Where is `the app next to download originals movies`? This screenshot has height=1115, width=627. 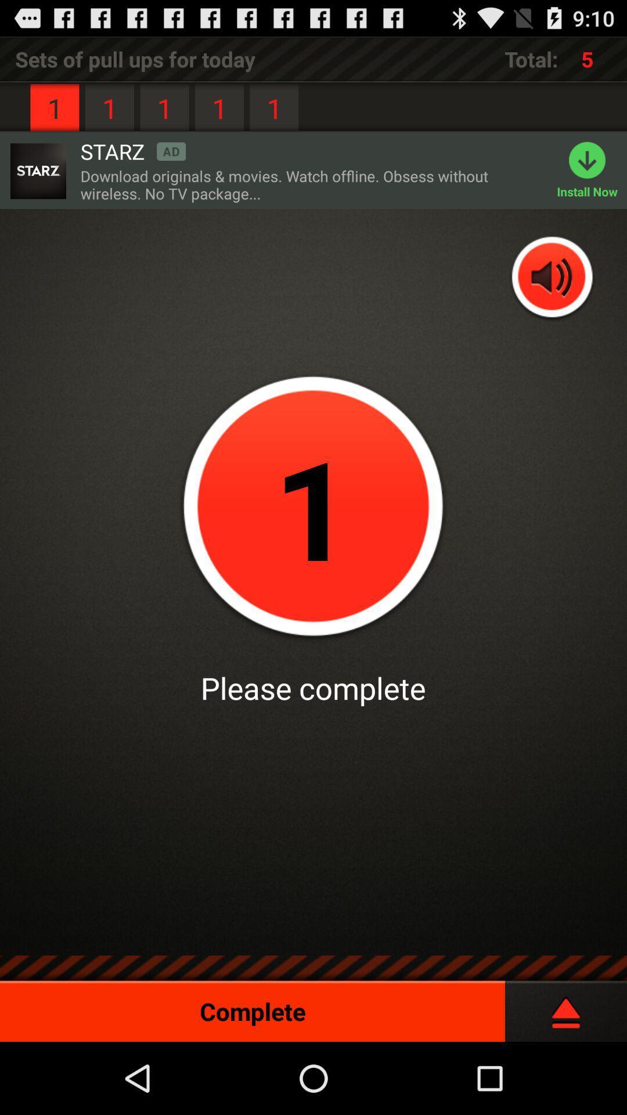 the app next to download originals movies is located at coordinates (592, 170).